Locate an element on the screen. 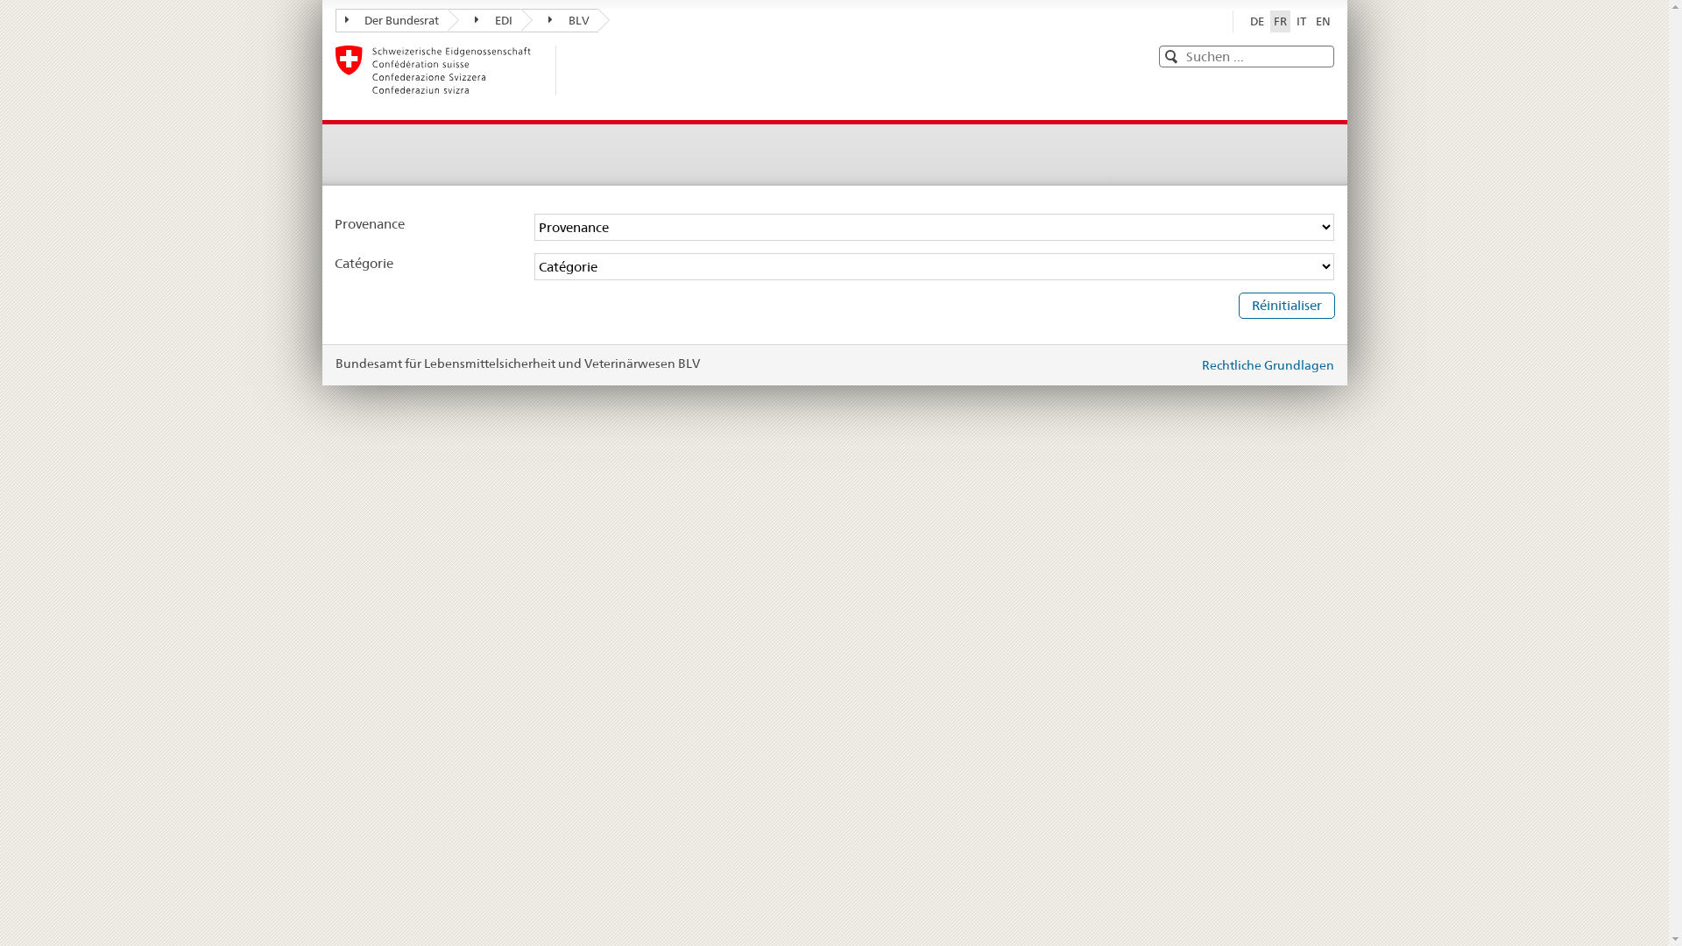 Image resolution: width=1682 pixels, height=946 pixels. 'EN' is located at coordinates (1323, 21).